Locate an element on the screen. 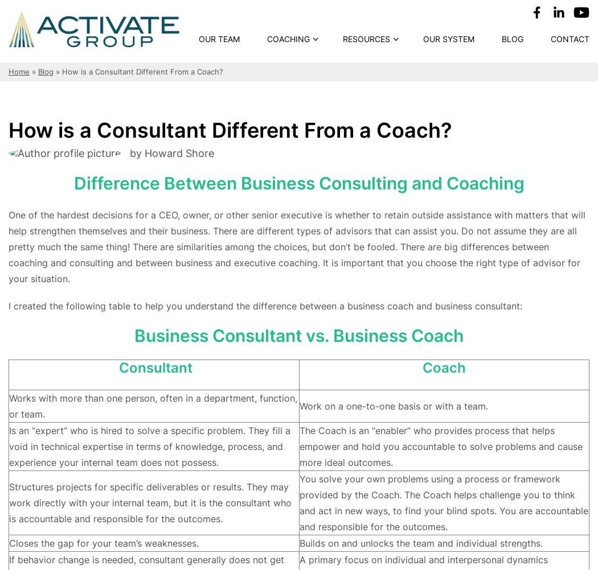 The width and height of the screenshot is (598, 570). 'The Coach is an “enabler” who provides process that helps empower and hold you accountable to solve problems and cause more ideal outcomes.' is located at coordinates (299, 445).